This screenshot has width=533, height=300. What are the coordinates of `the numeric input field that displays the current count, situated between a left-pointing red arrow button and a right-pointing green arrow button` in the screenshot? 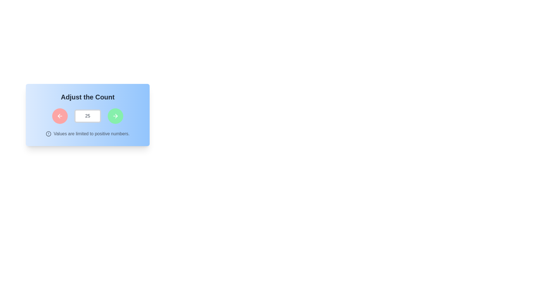 It's located at (87, 116).